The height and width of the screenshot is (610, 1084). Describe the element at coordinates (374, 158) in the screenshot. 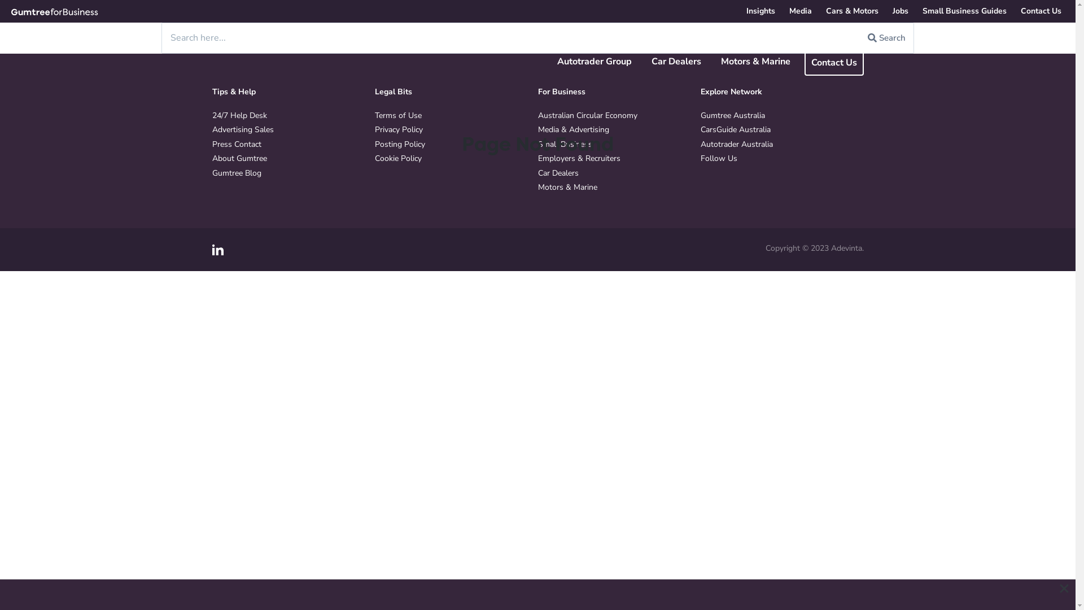

I see `'Cookie Policy'` at that location.